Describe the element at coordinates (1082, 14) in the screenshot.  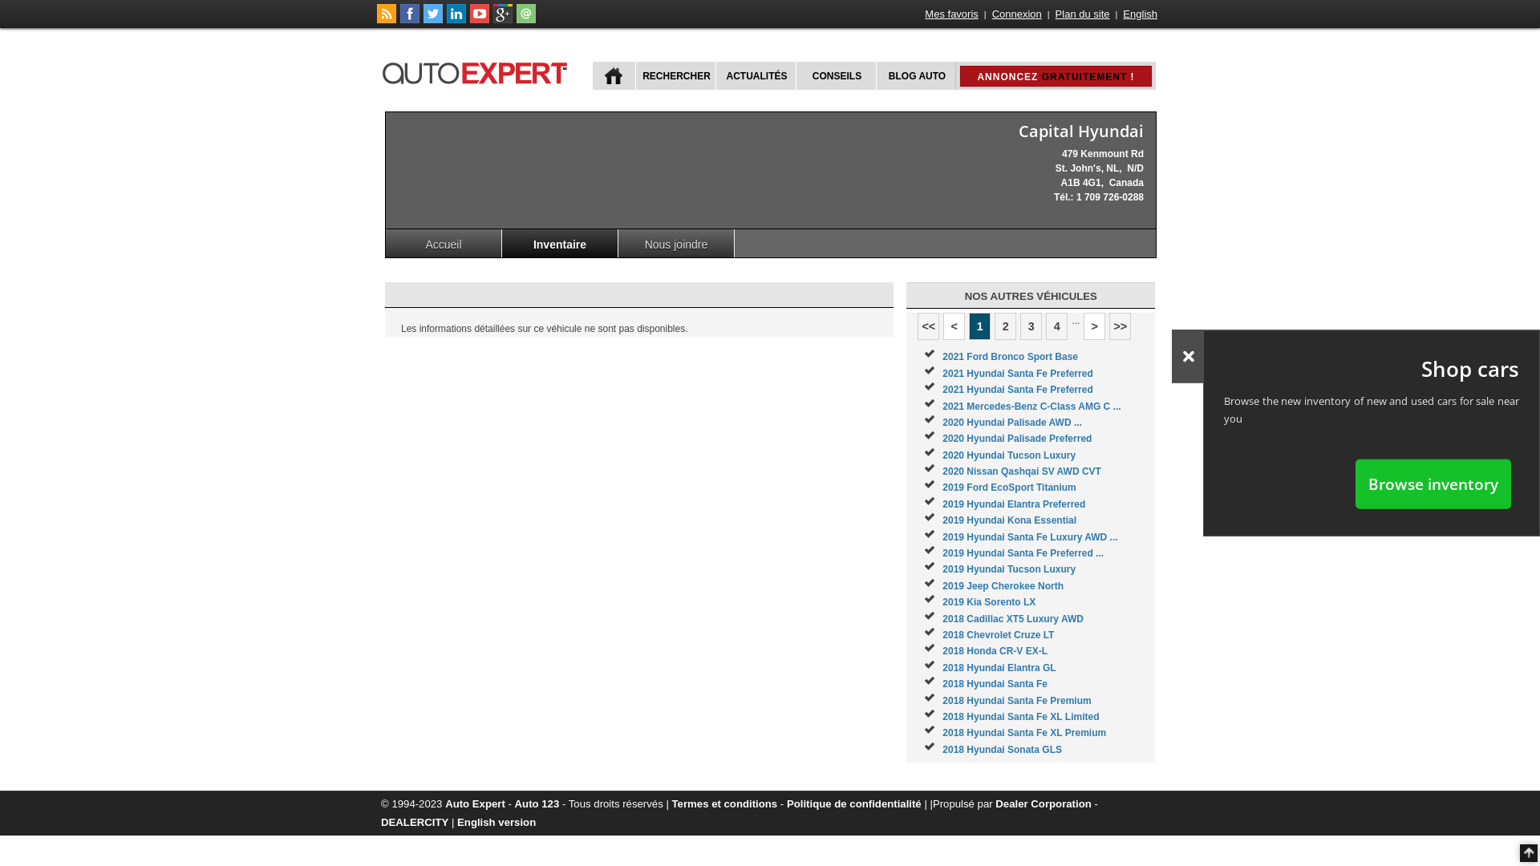
I see `'Plan du site'` at that location.